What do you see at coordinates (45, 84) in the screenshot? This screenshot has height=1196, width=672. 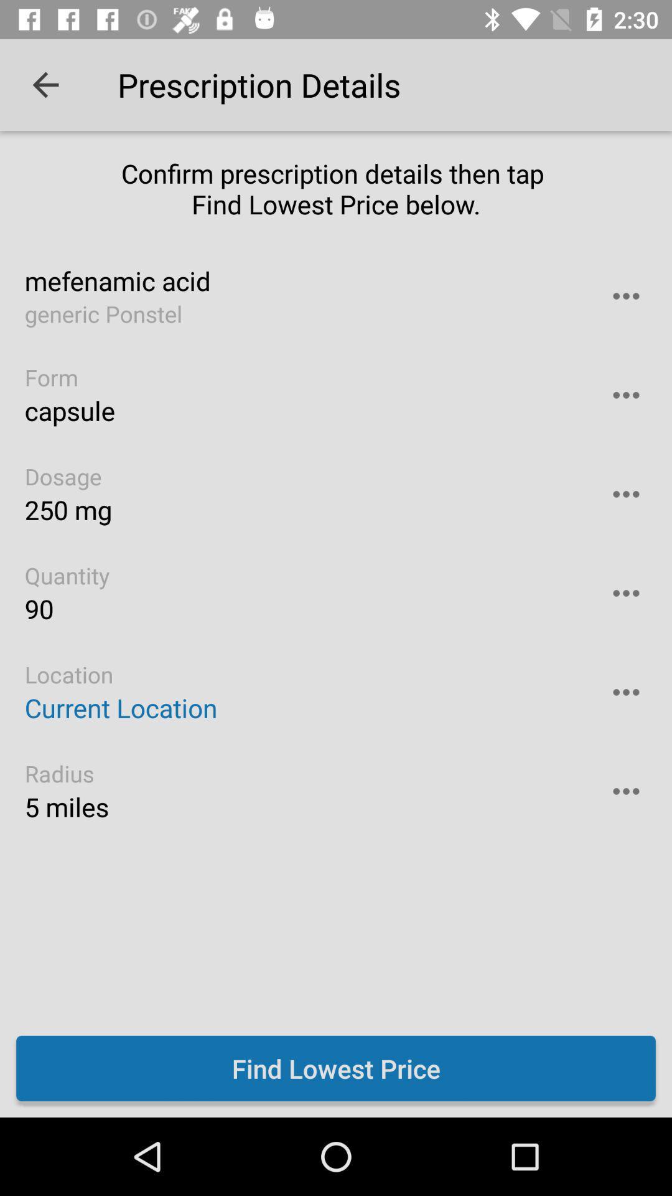 I see `item above confirm prescription details` at bounding box center [45, 84].